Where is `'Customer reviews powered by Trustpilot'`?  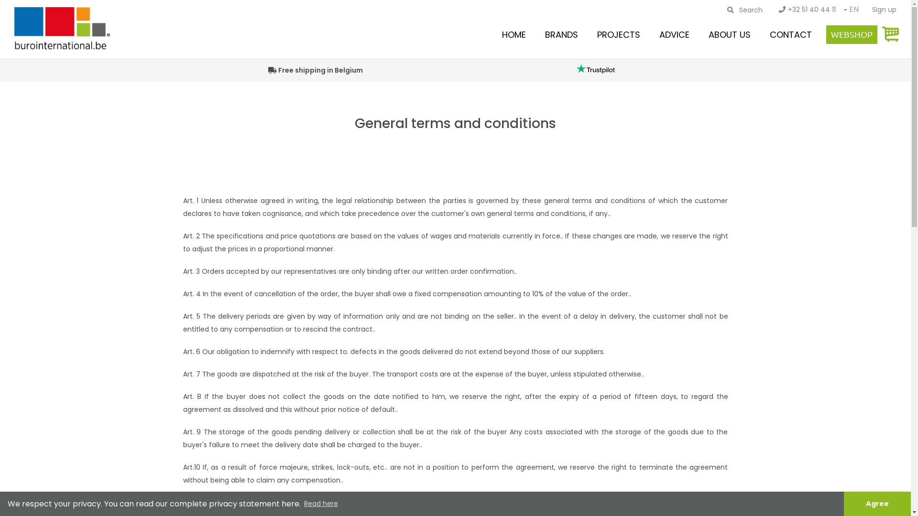
'Customer reviews powered by Trustpilot' is located at coordinates (595, 68).